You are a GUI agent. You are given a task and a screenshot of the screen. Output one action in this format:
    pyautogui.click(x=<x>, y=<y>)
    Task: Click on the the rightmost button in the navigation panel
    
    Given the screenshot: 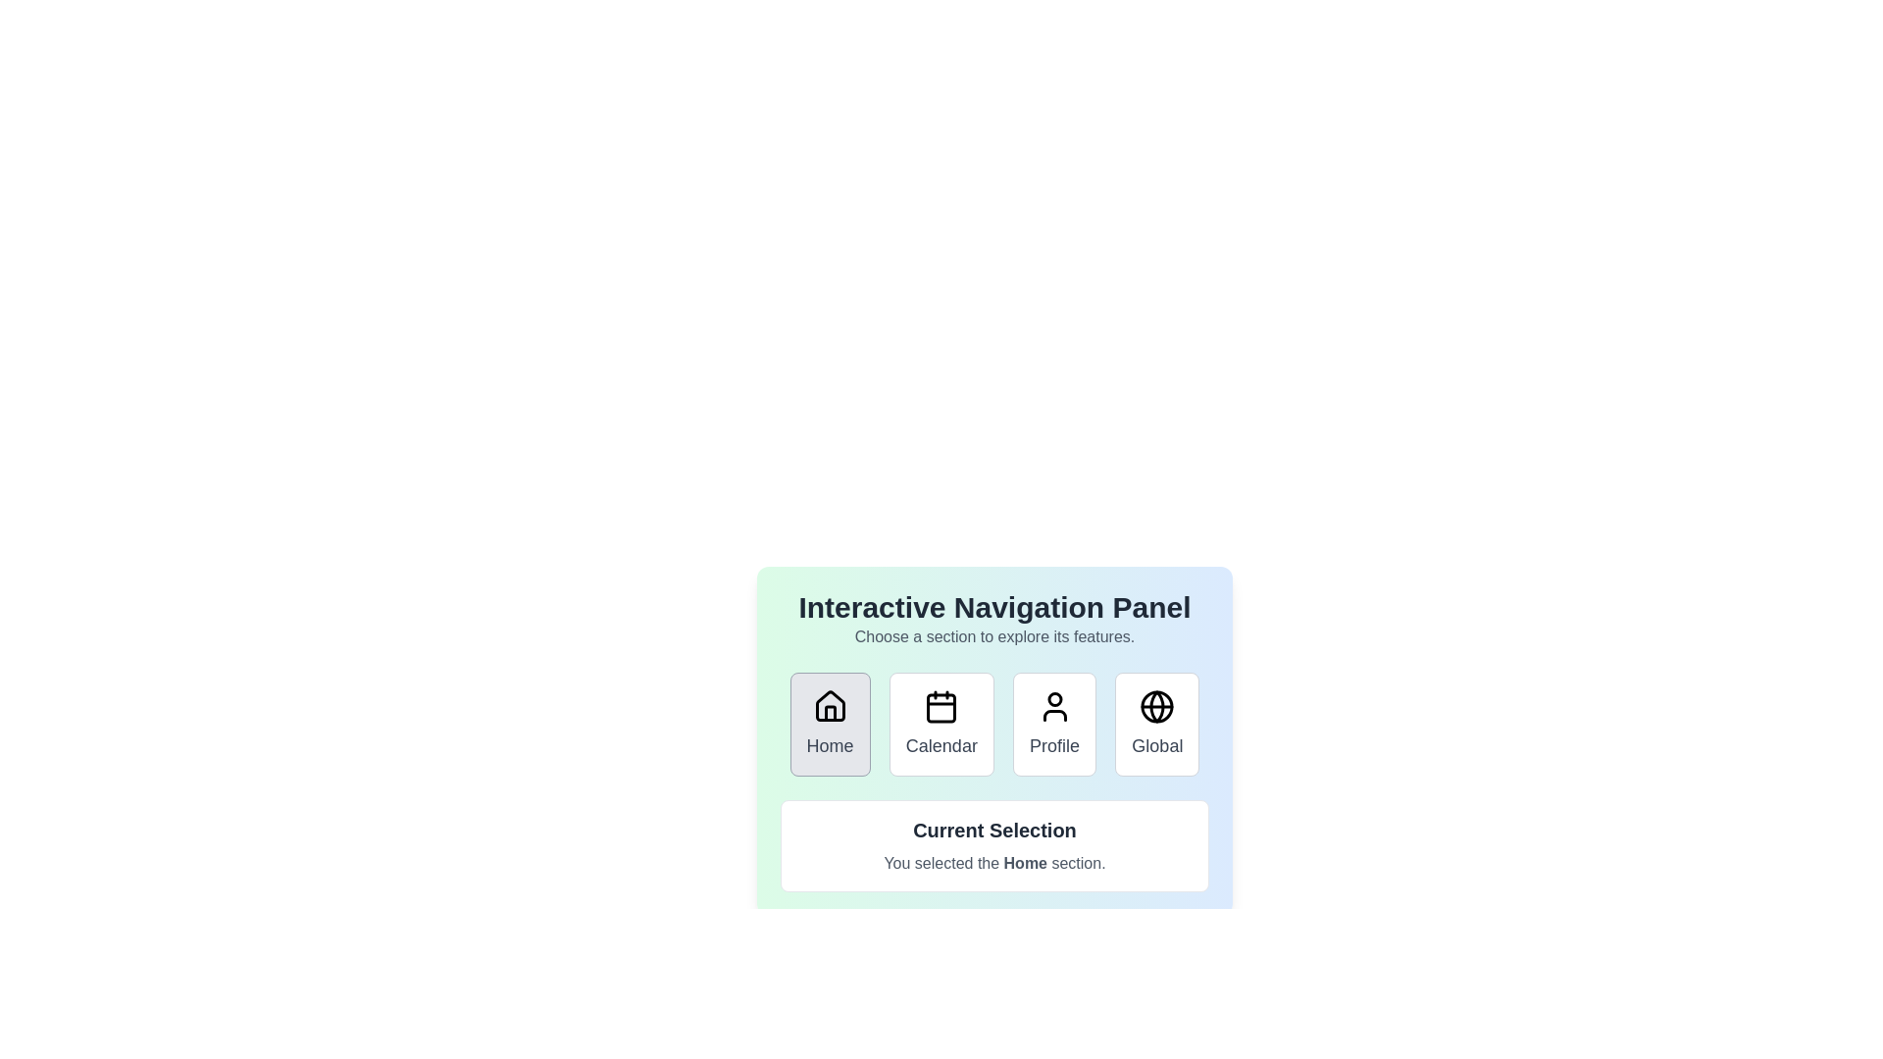 What is the action you would take?
    pyautogui.click(x=1157, y=725)
    